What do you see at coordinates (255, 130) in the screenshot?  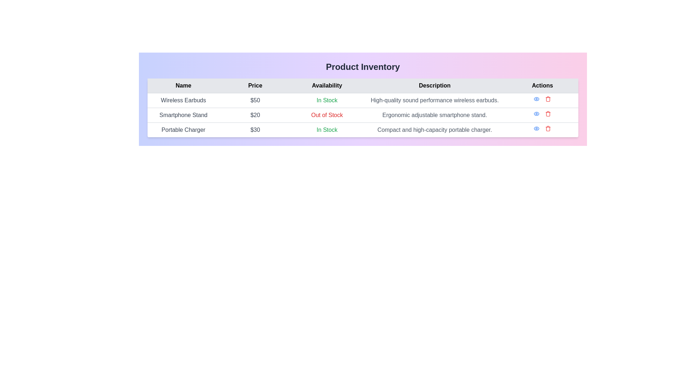 I see `the Static label displaying the price '$30' in bold gray text, located in the second cell of the 'Price' column for the 'Portable Charger' product` at bounding box center [255, 130].